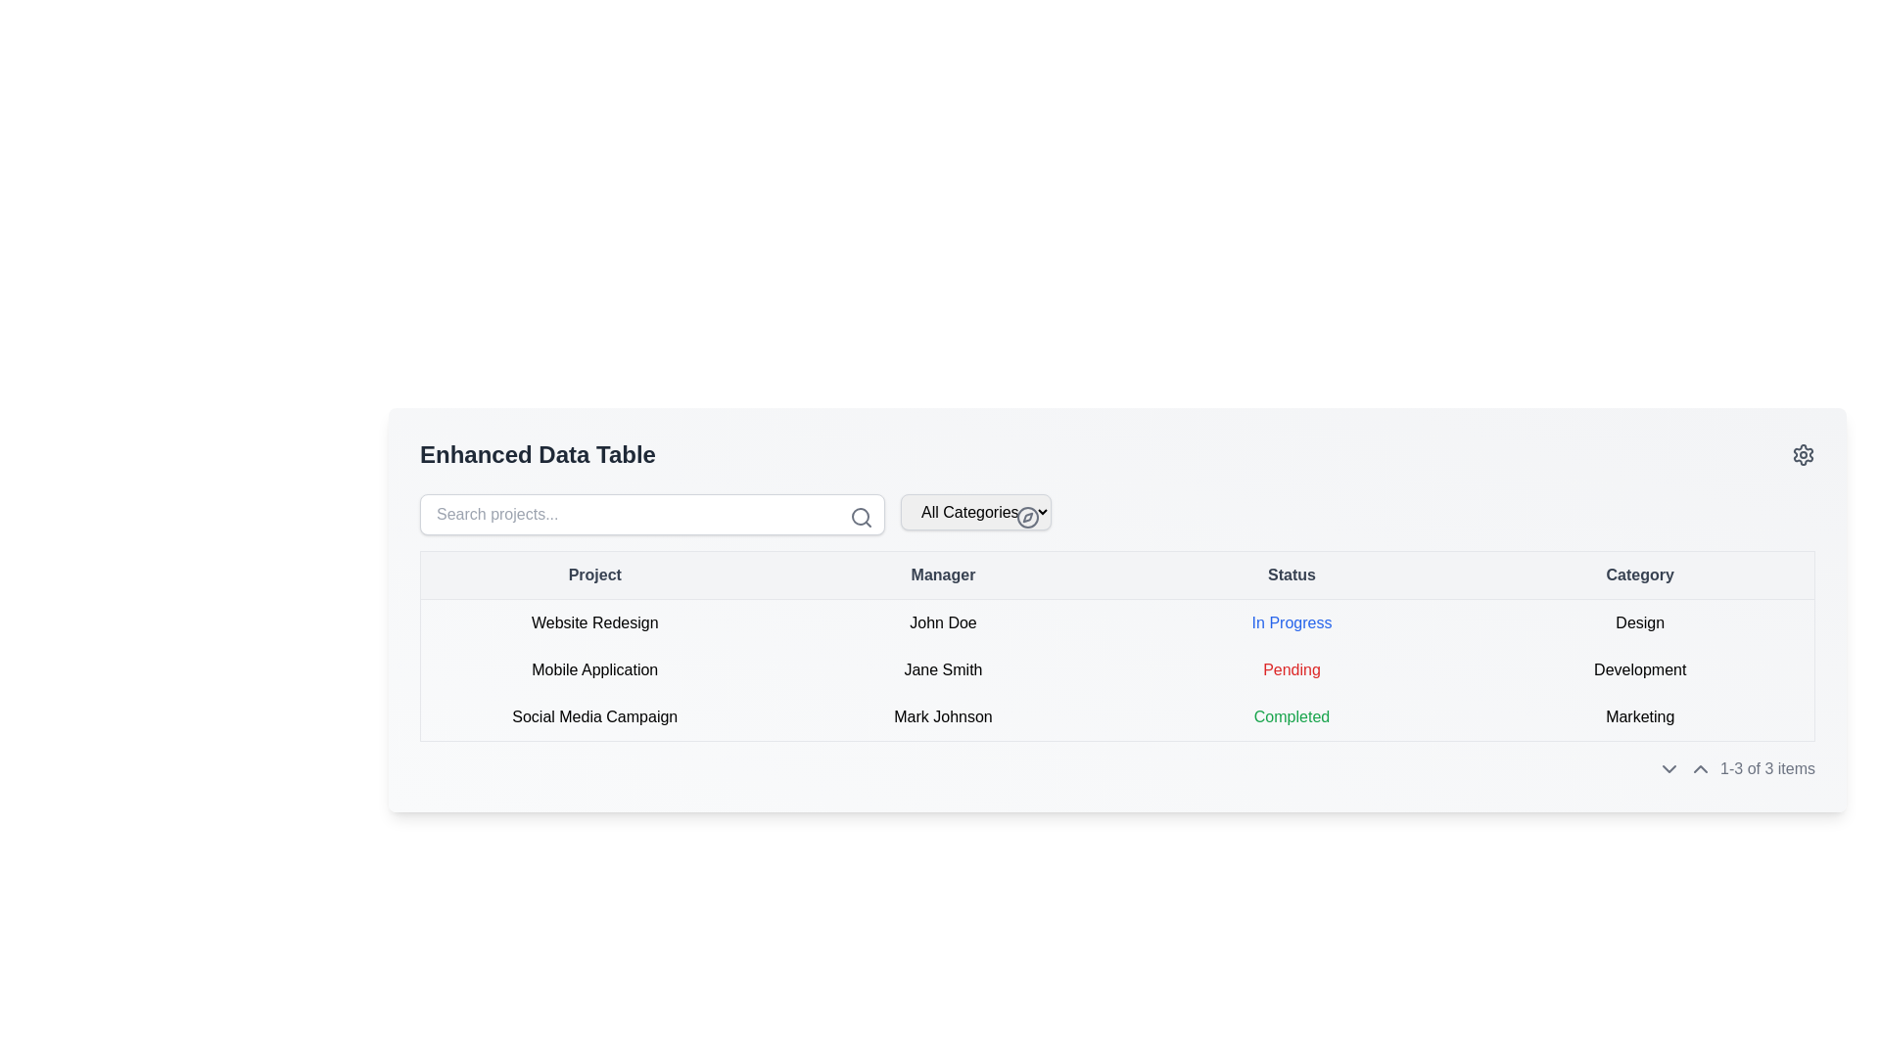 This screenshot has width=1880, height=1057. Describe the element at coordinates (593, 622) in the screenshot. I see `the text label displaying 'Website Redesign' which is the first element in its row and leftmost column of the table` at that location.